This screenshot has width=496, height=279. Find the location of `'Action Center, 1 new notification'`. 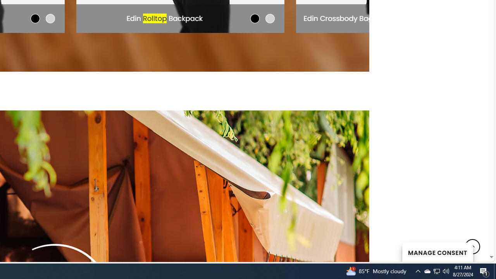

'Action Center, 1 new notification' is located at coordinates (484, 270).